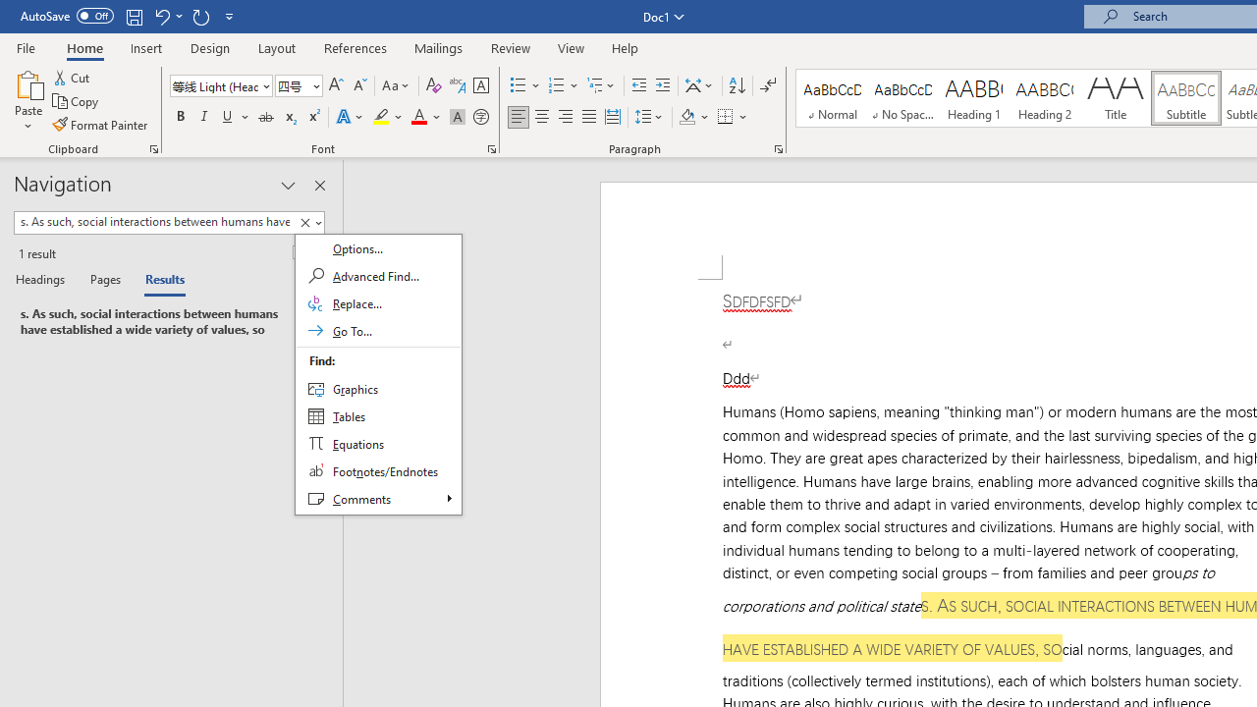 Image resolution: width=1257 pixels, height=707 pixels. What do you see at coordinates (686, 117) in the screenshot?
I see `'Shading RGB(0, 0, 0)'` at bounding box center [686, 117].